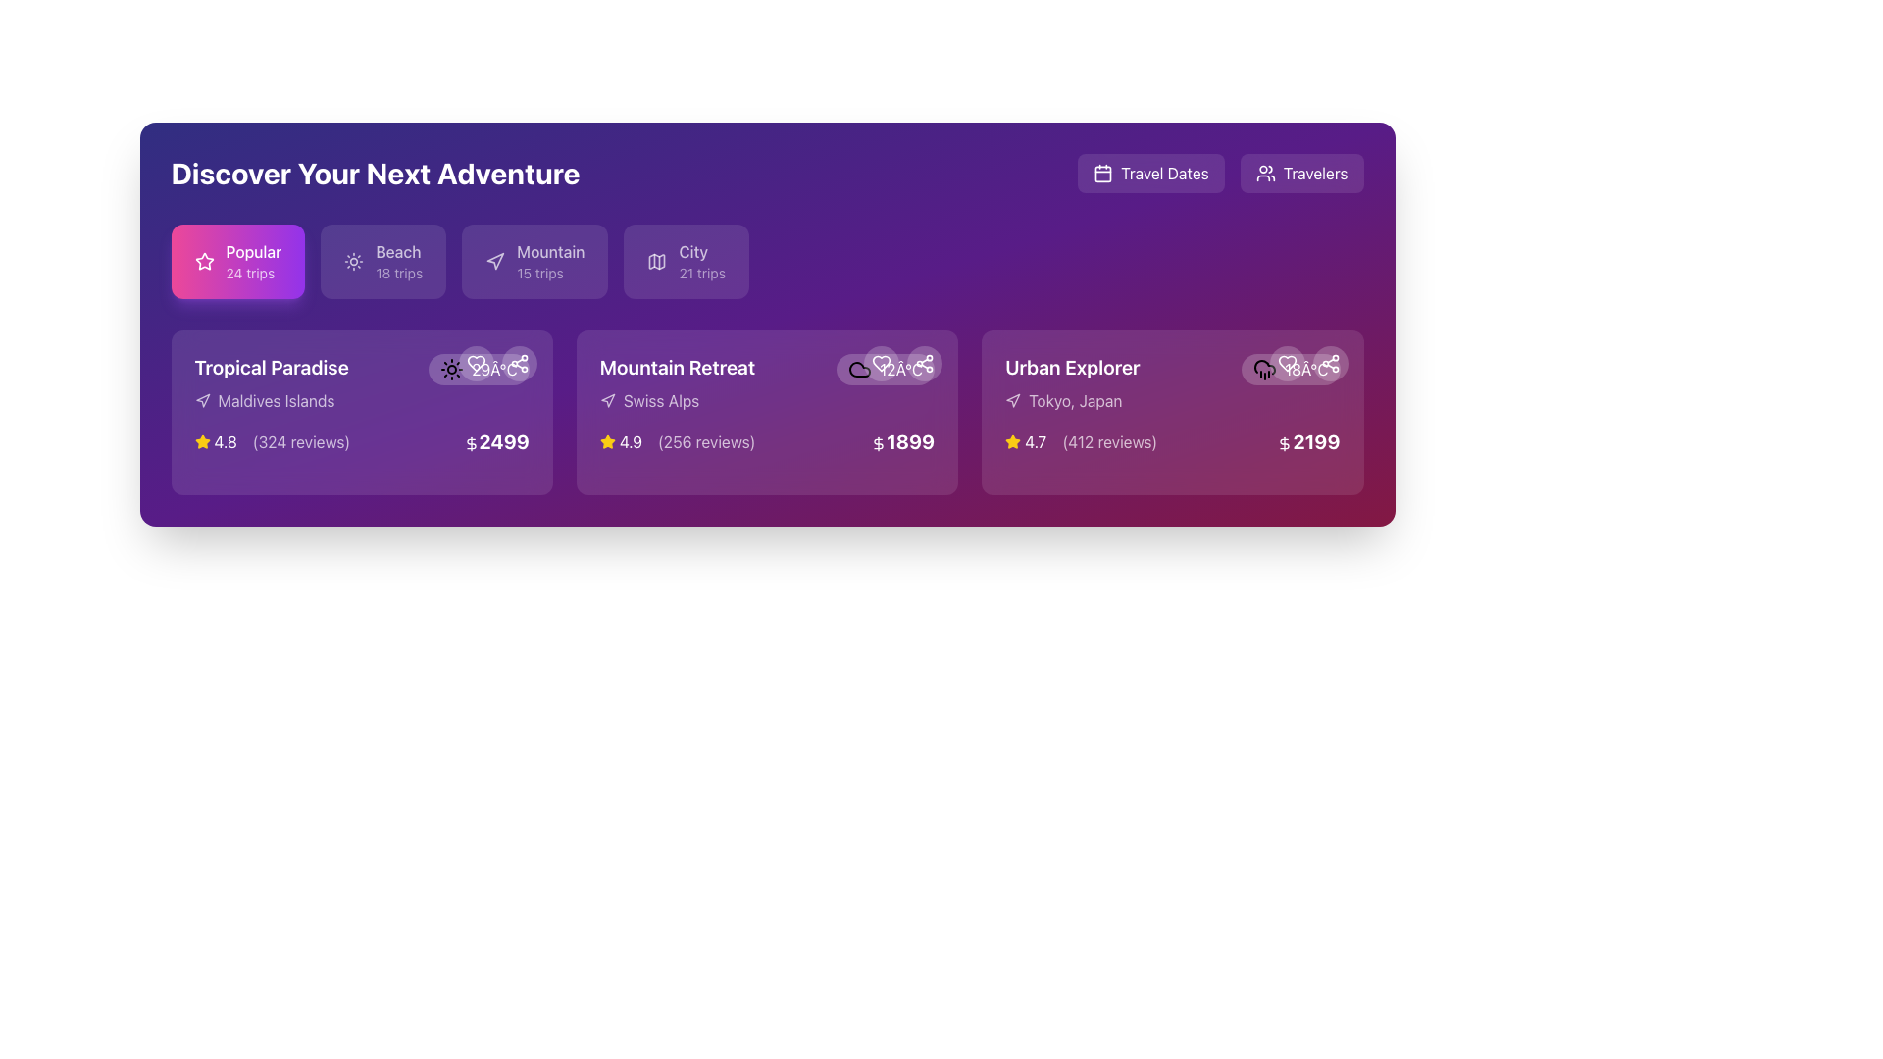 The width and height of the screenshot is (1883, 1059). I want to click on the title and subtitle text information block for the first travel destination under the 'Discover Your Next Adventure' section, so click(271, 382).